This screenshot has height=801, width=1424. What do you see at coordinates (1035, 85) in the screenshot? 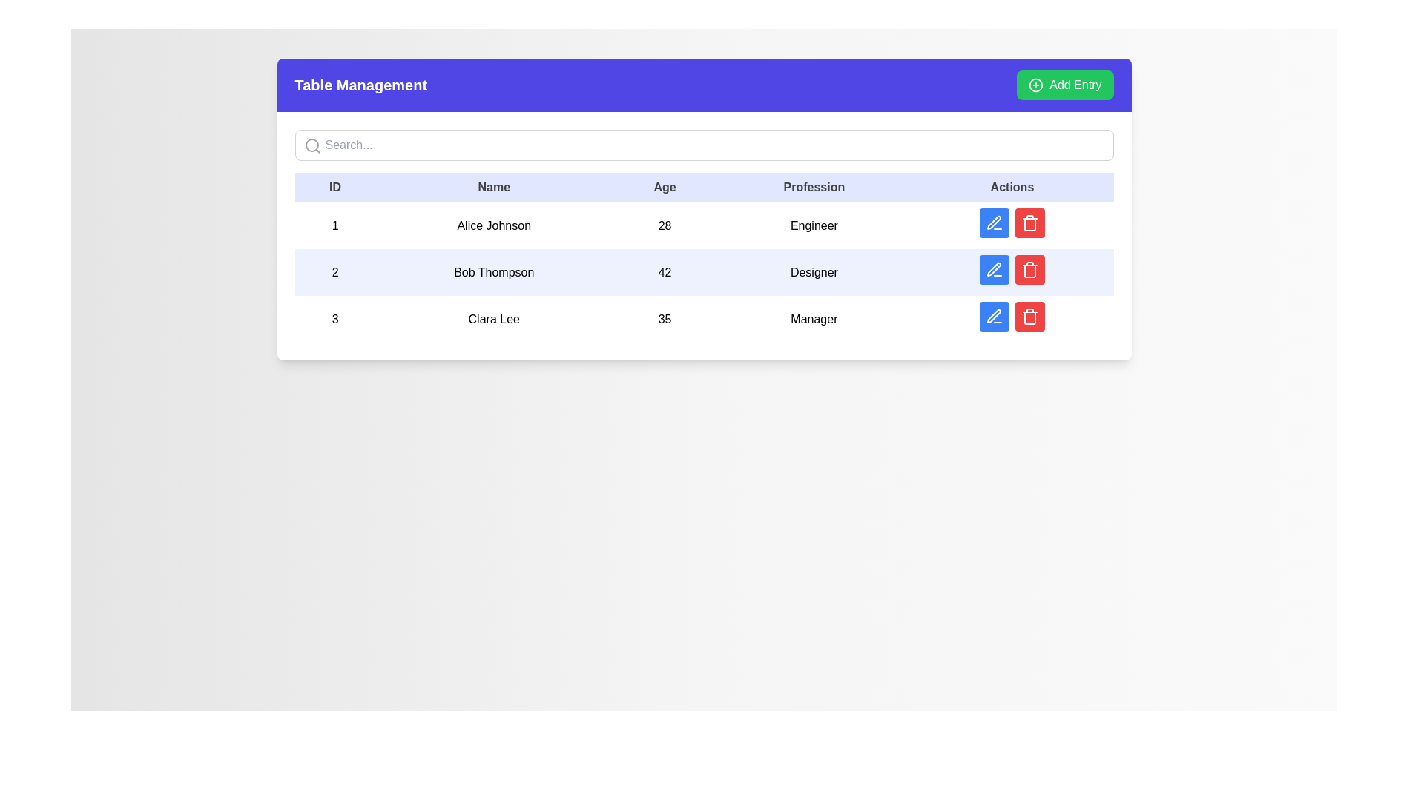
I see `the icon located to the left of the 'Add Entry' text in the green button at the top right corner of the interface` at bounding box center [1035, 85].